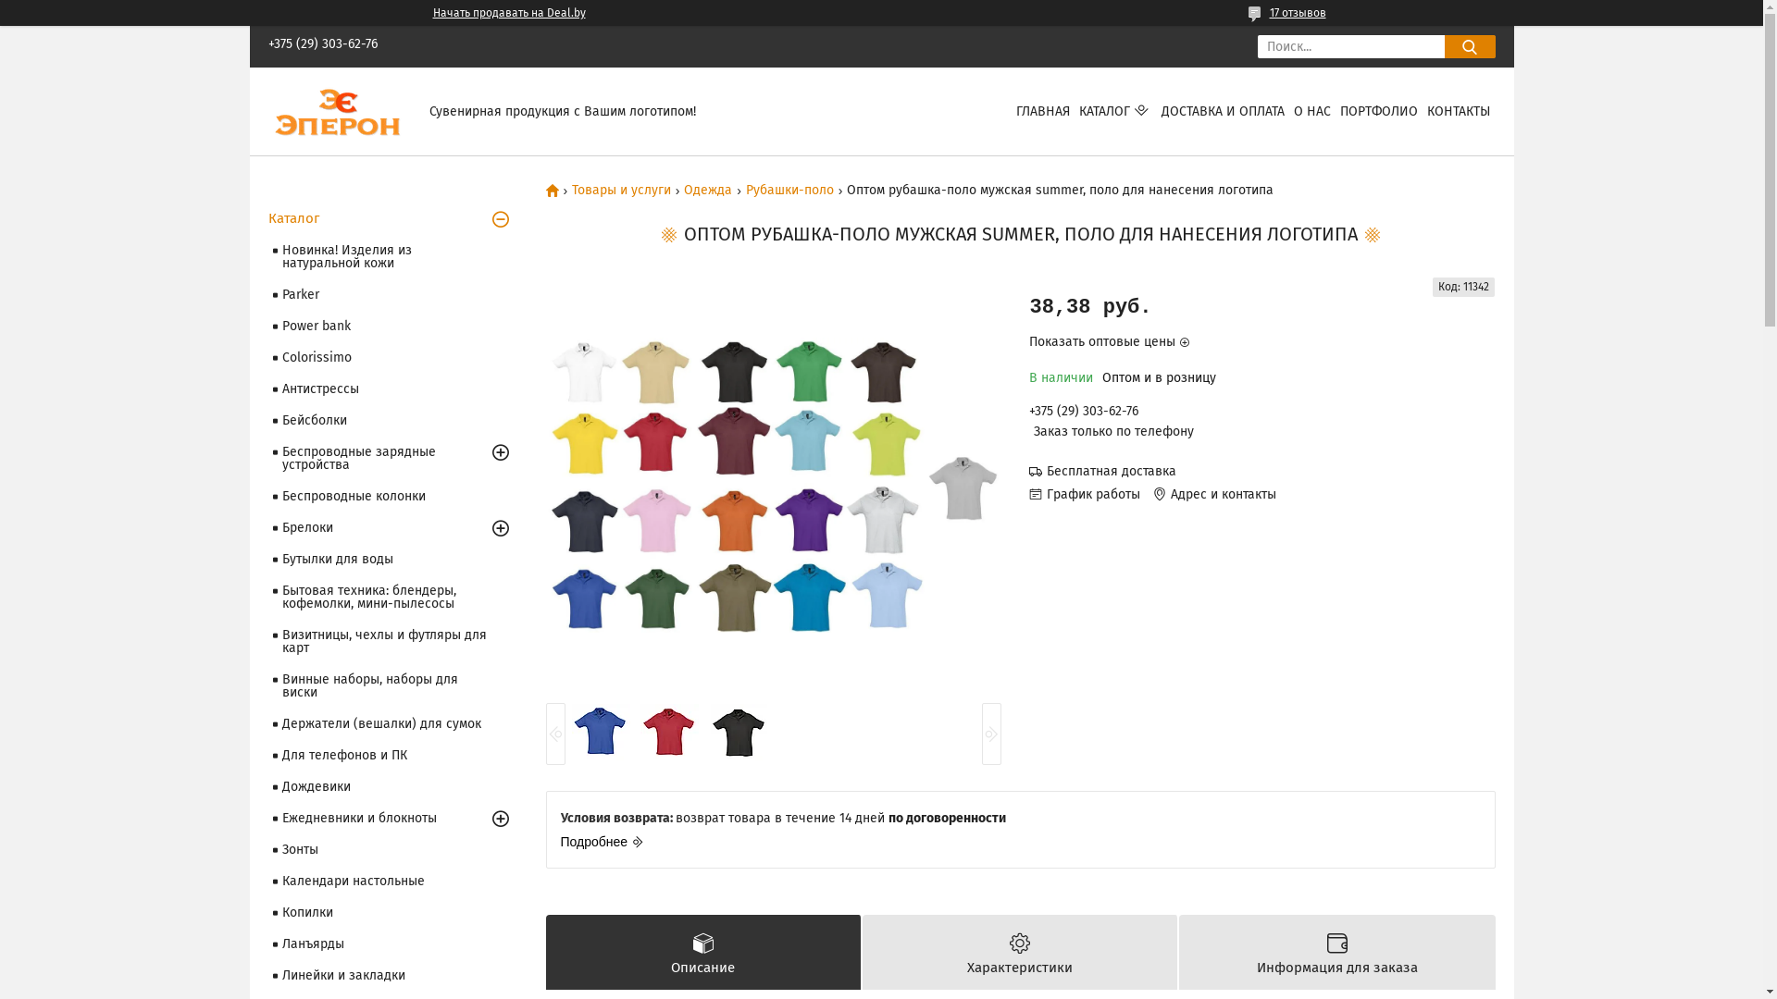  Describe the element at coordinates (392, 326) in the screenshot. I see `'Power bank'` at that location.